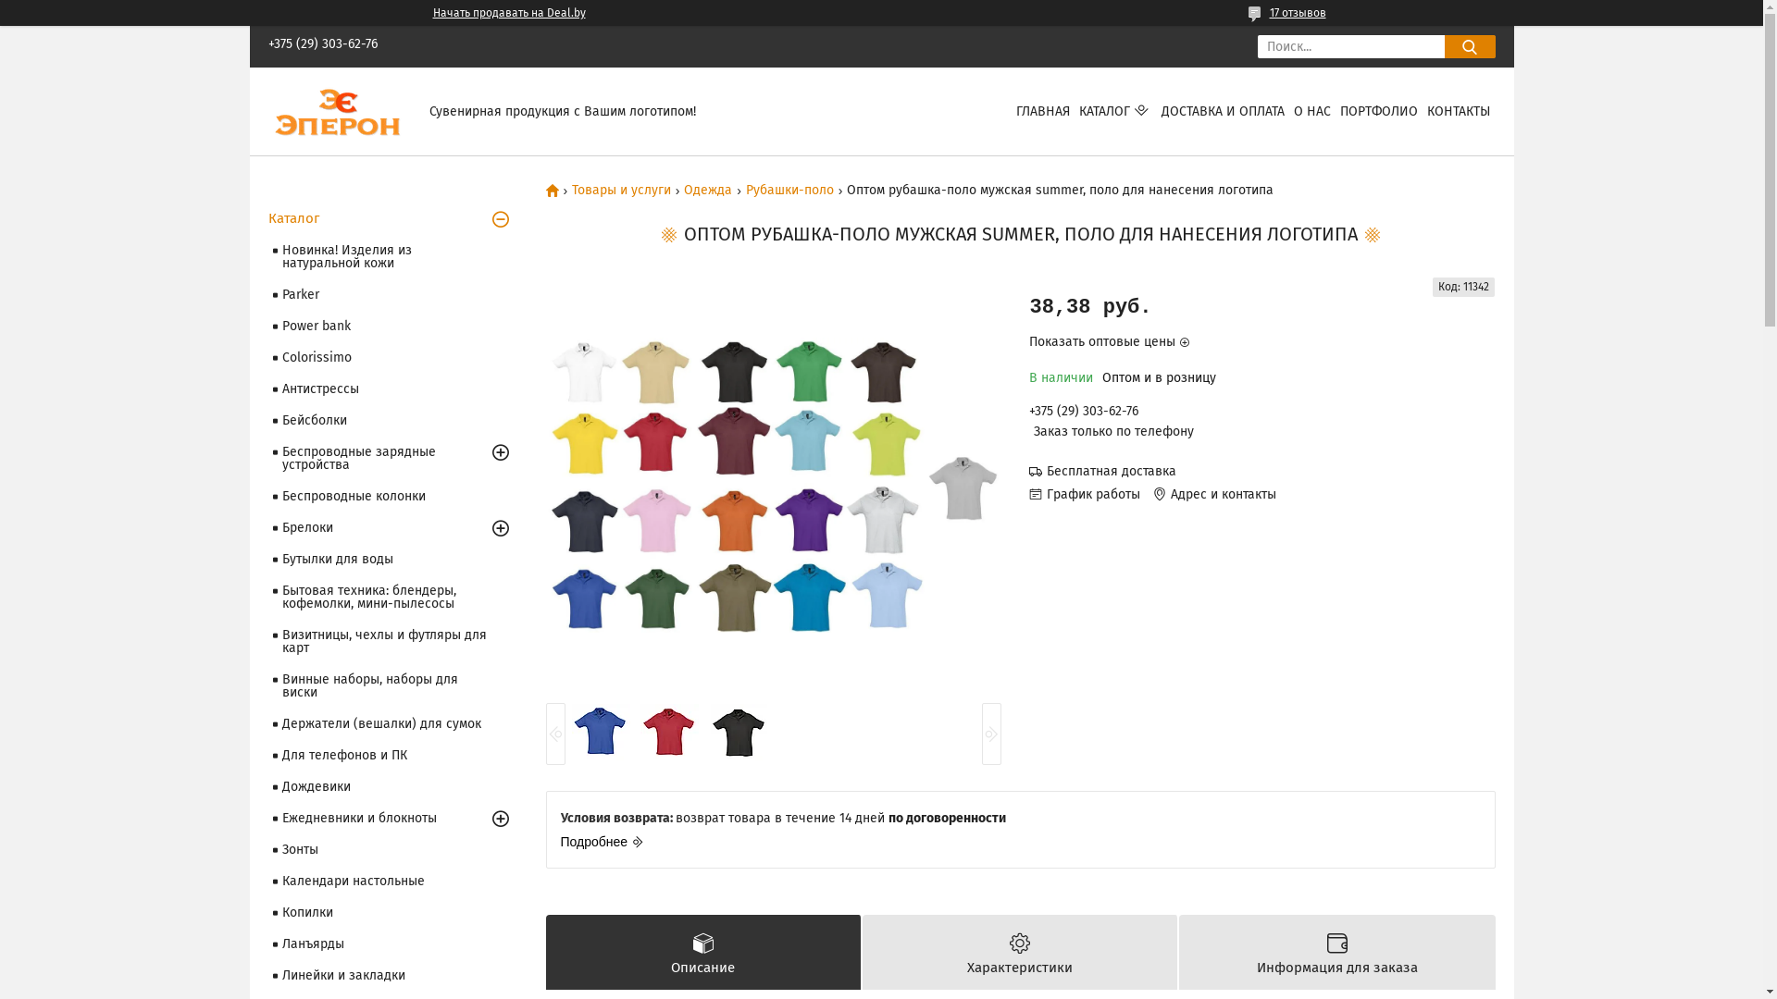  Describe the element at coordinates (392, 326) in the screenshot. I see `'Power bank'` at that location.